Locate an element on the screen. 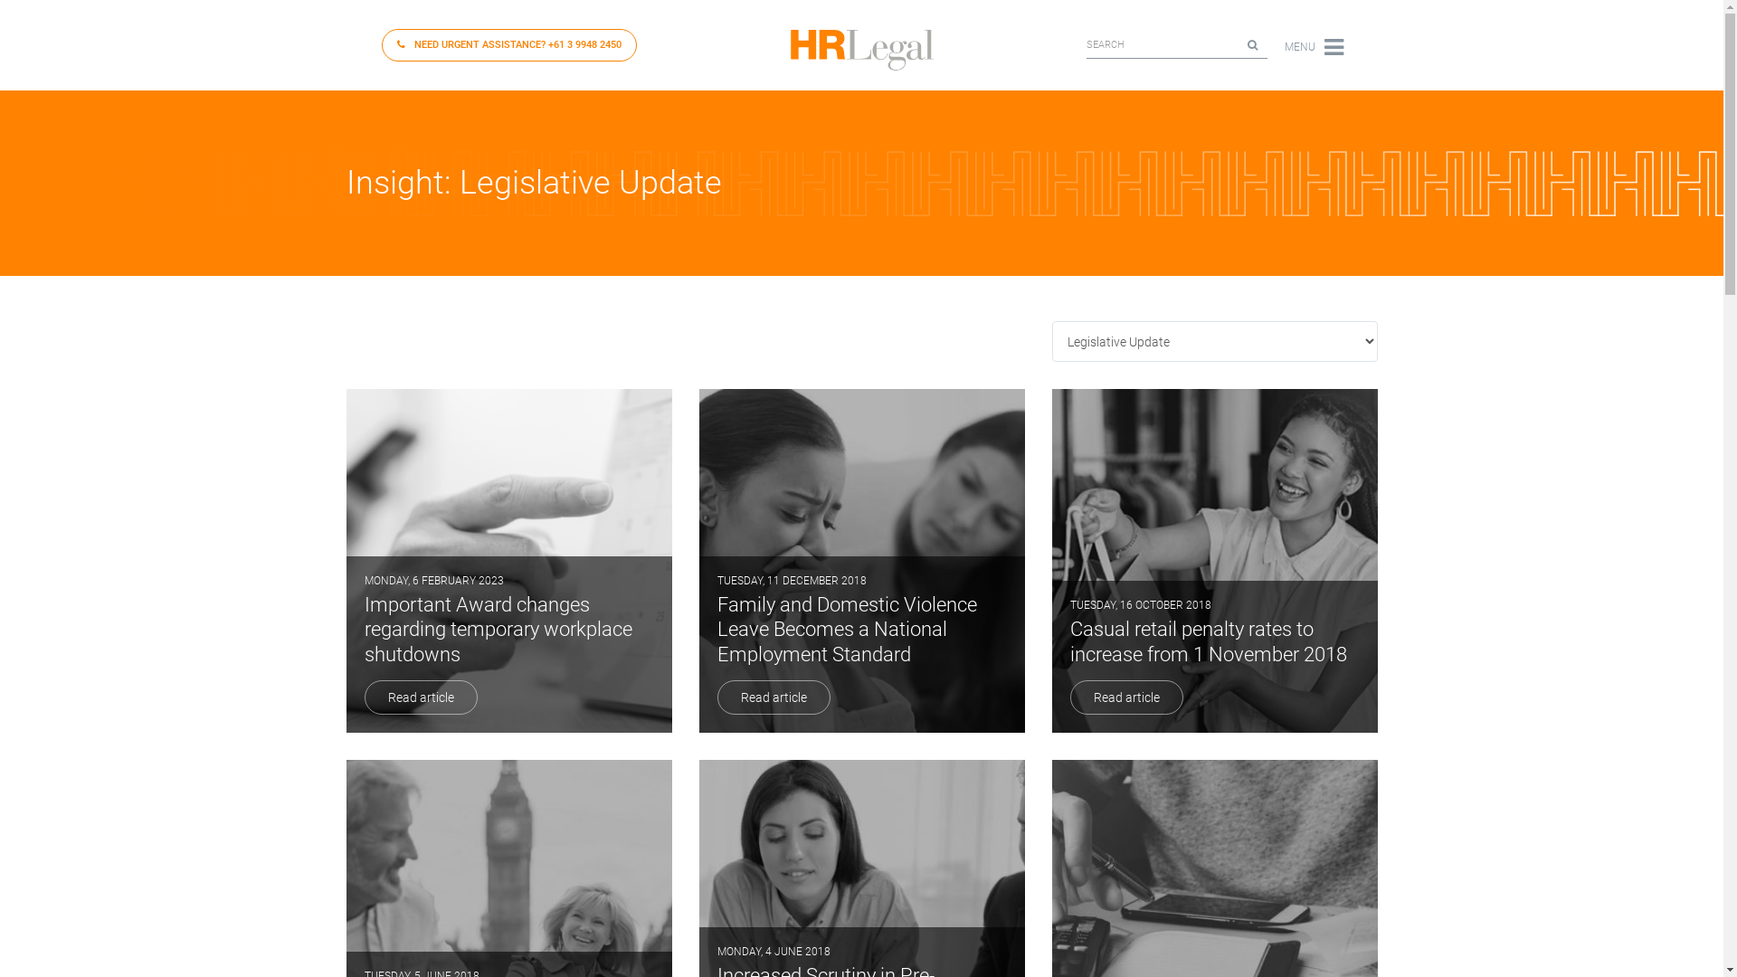 The image size is (1737, 977). 'Read article' is located at coordinates (716, 697).